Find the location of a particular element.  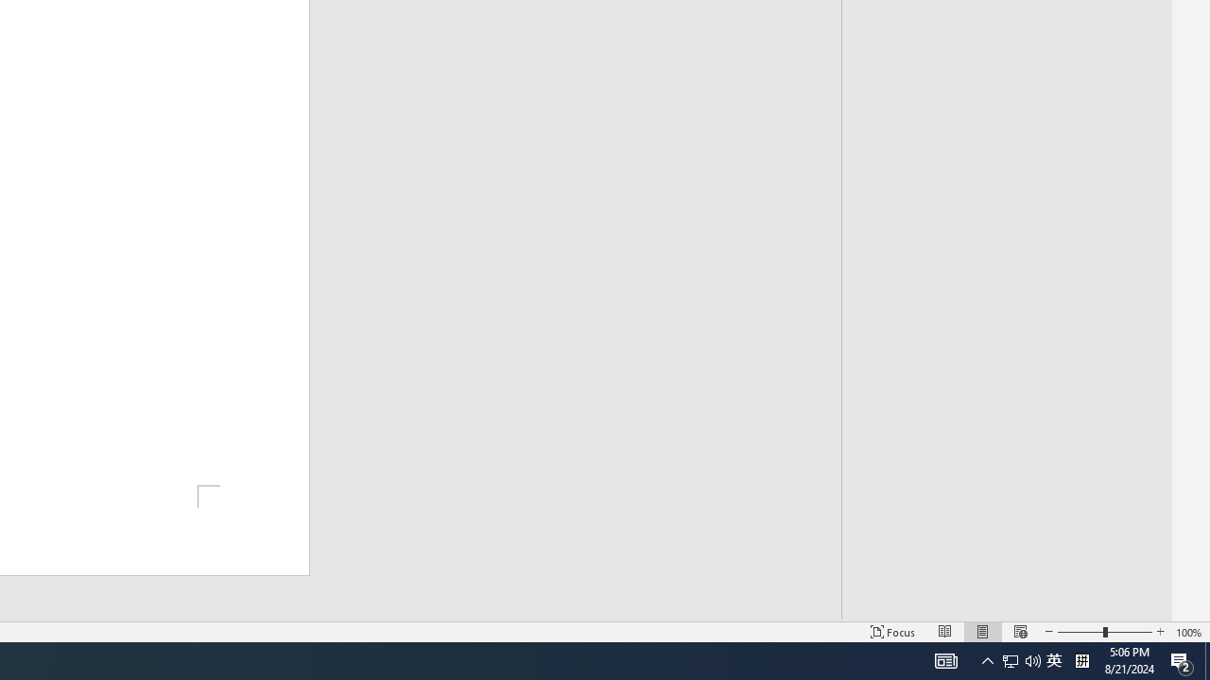

'Zoom 100%' is located at coordinates (1188, 632).